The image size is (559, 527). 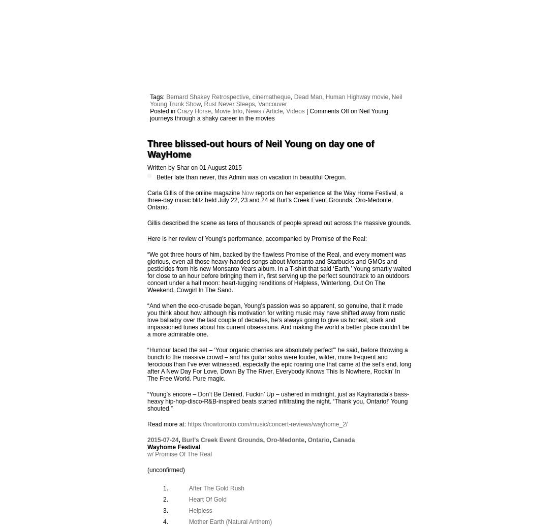 What do you see at coordinates (285, 439) in the screenshot?
I see `'Oro-Medonte'` at bounding box center [285, 439].